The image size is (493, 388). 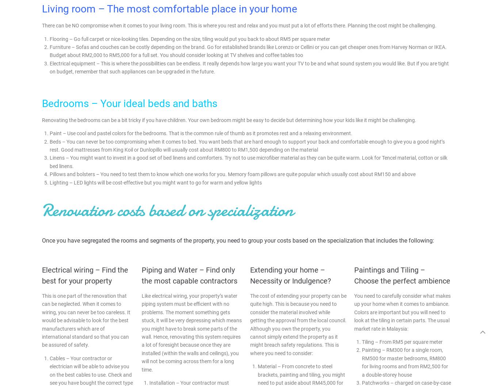 What do you see at coordinates (85, 320) in the screenshot?
I see `'This is one part of the renovation that can be neglected. When it comes to wiring, you can never be too careless. It would be advisable to look for the best manufacturers which are of international standard so that you can be assured of safety.'` at bounding box center [85, 320].